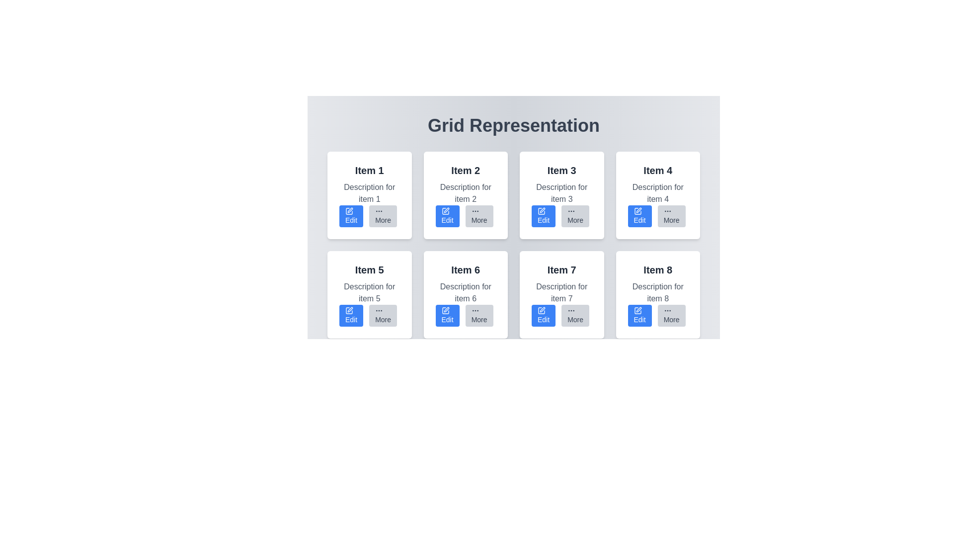 The image size is (954, 537). What do you see at coordinates (575, 216) in the screenshot?
I see `the keyboard navigation on the 'More' button` at bounding box center [575, 216].